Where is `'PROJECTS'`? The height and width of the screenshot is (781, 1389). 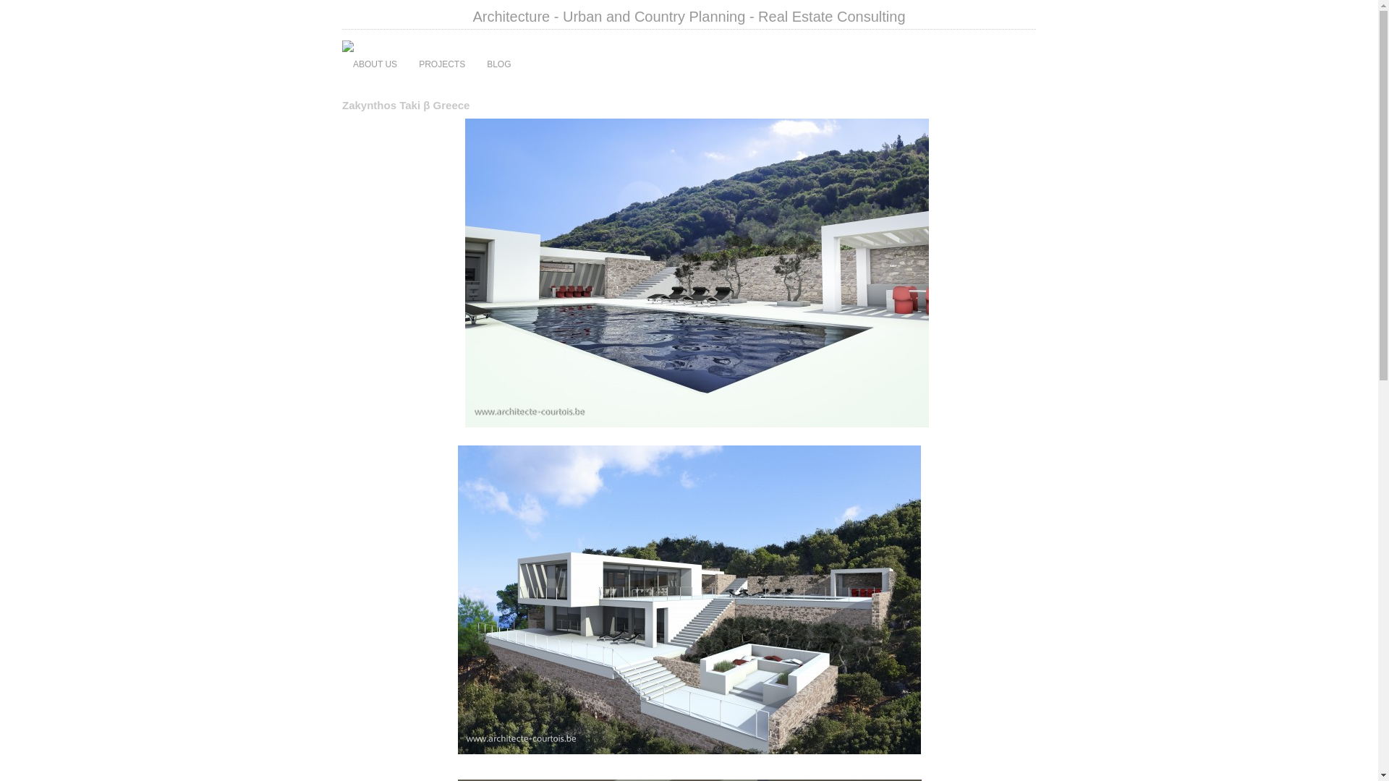 'PROJECTS' is located at coordinates (441, 63).